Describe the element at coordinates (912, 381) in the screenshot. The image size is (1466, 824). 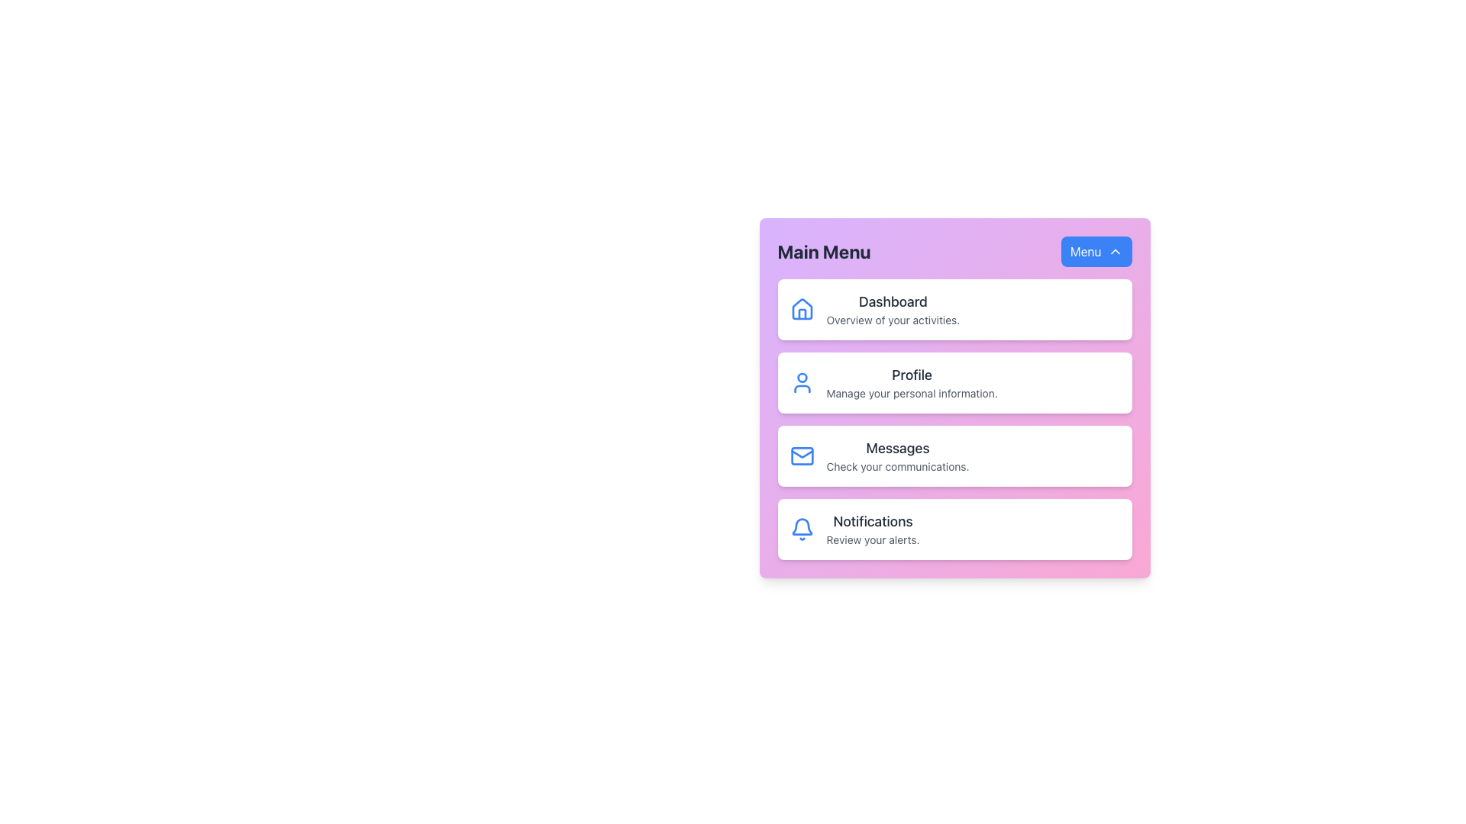
I see `the 'Profile' textual informational component, which features a prominent title and a subtitle, located in the sidebar with a purple gradient background` at that location.